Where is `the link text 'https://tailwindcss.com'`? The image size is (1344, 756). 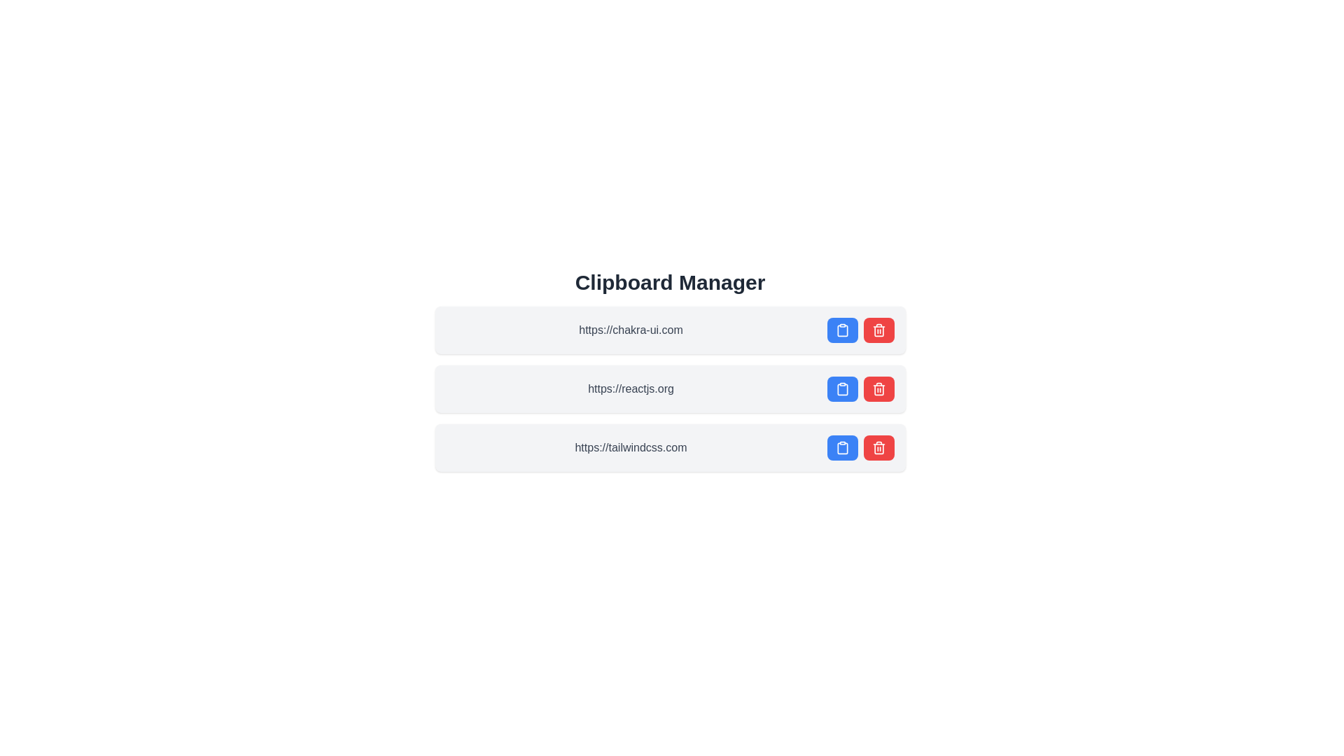
the link text 'https://tailwindcss.com' is located at coordinates (669, 448).